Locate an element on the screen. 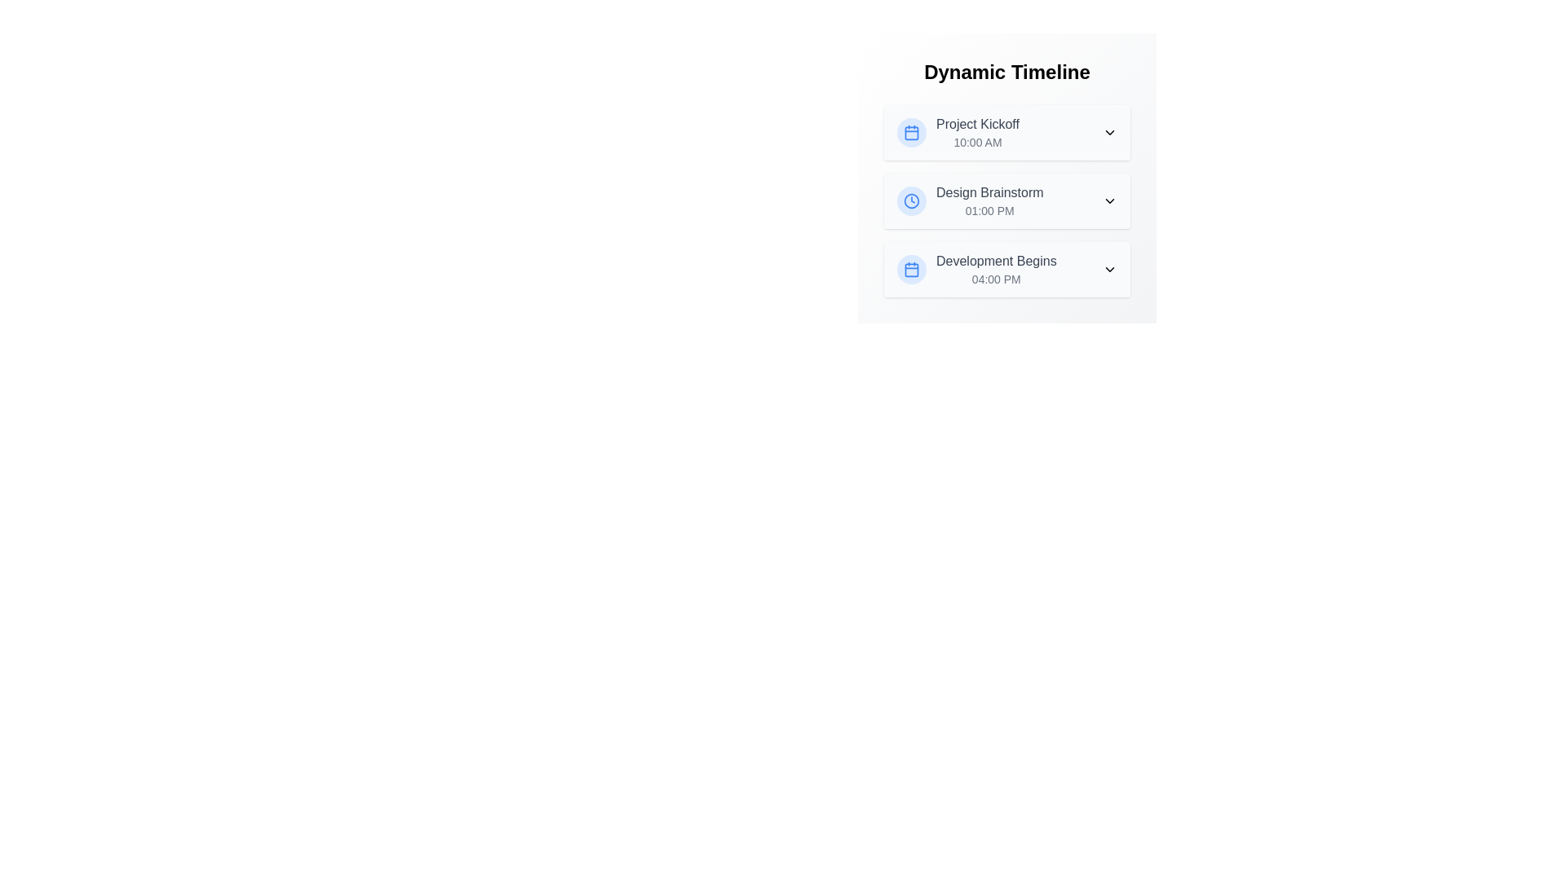 Image resolution: width=1566 pixels, height=880 pixels. the text label displaying 'Design Brainstorm', which has a medium font weight and gray color, positioned above the time indicator '01:00 PM' in the 'Dynamic Timeline' is located at coordinates (989, 191).